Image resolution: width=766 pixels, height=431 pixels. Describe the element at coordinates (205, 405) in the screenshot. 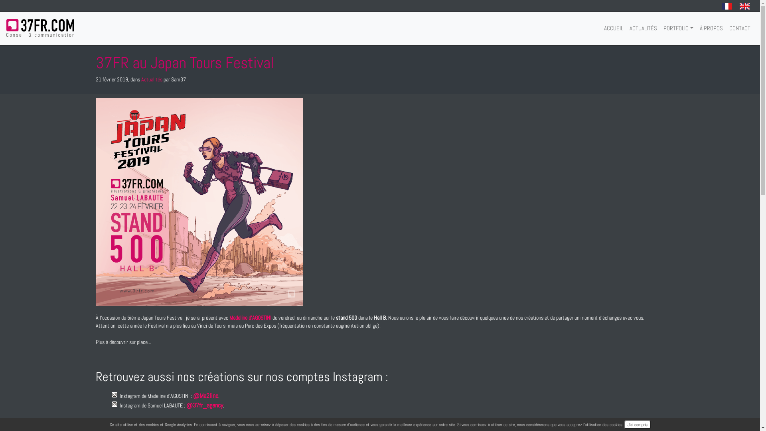

I see `'@37fr_agency'` at that location.